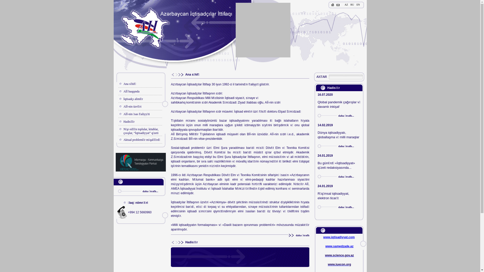 The height and width of the screenshot is (272, 484). Describe the element at coordinates (340, 246) in the screenshot. I see `'www.samedzade.az'` at that location.